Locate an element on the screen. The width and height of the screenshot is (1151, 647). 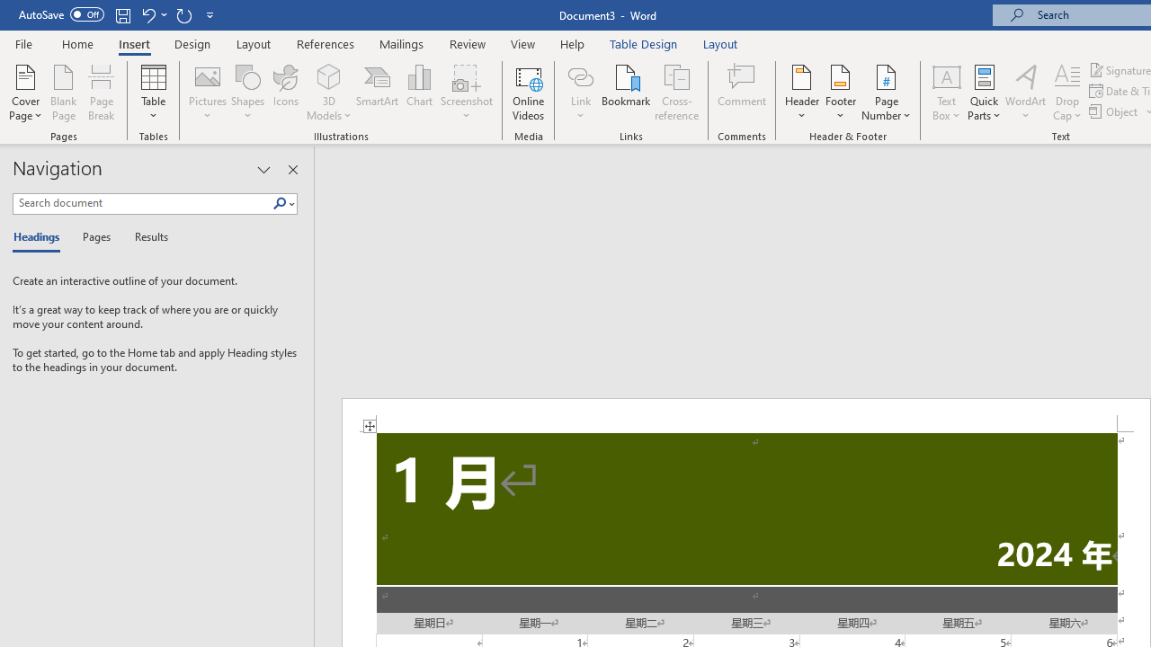
'Comment' is located at coordinates (742, 93).